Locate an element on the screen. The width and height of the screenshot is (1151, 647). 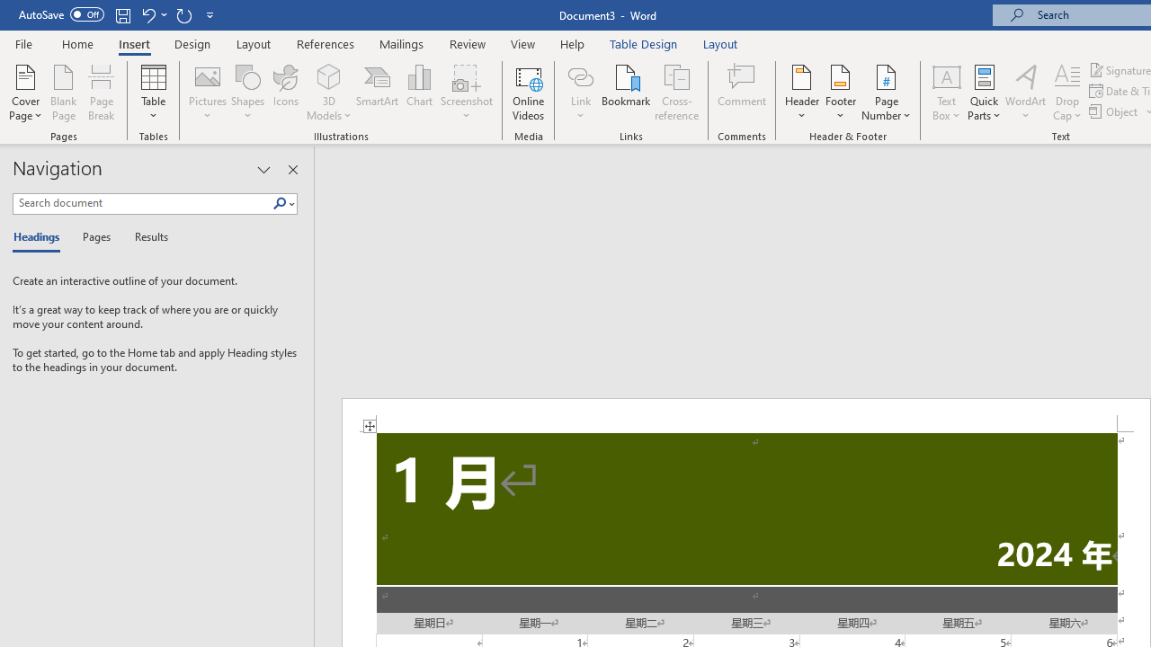
'Comment' is located at coordinates (742, 93).